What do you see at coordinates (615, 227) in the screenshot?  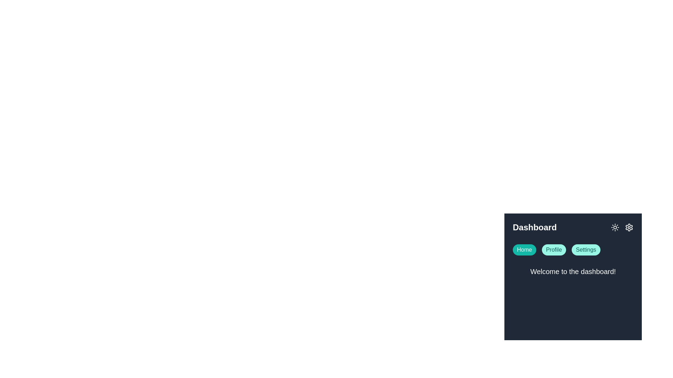 I see `the circular sun-like icon button located at the top-right corner of the dashboard interface` at bounding box center [615, 227].